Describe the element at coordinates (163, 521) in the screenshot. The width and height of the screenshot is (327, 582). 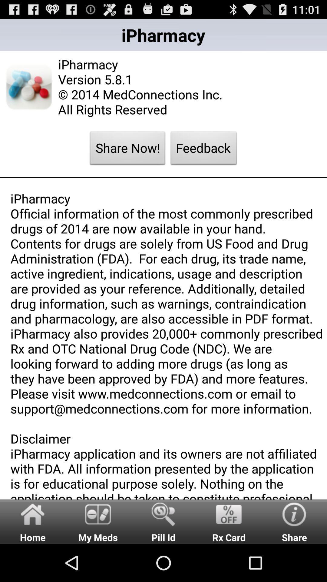
I see `the item next to the my meds item` at that location.